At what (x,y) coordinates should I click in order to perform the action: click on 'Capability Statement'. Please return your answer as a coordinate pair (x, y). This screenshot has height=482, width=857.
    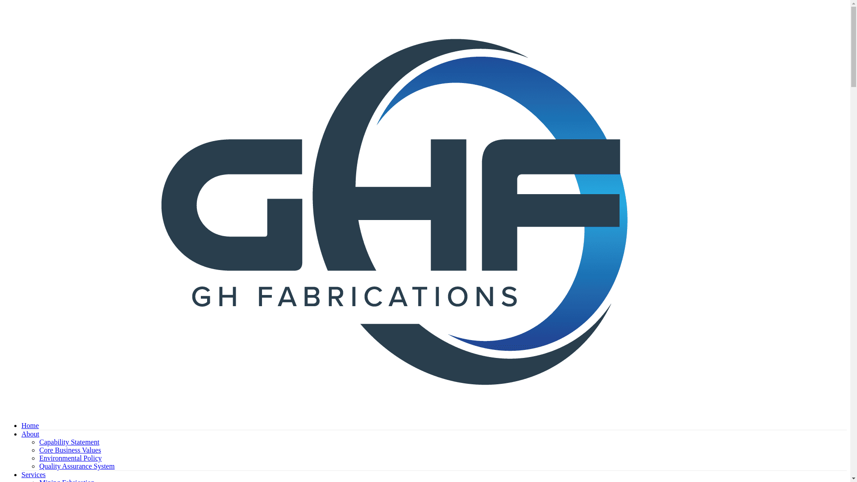
    Looking at the image, I should click on (69, 442).